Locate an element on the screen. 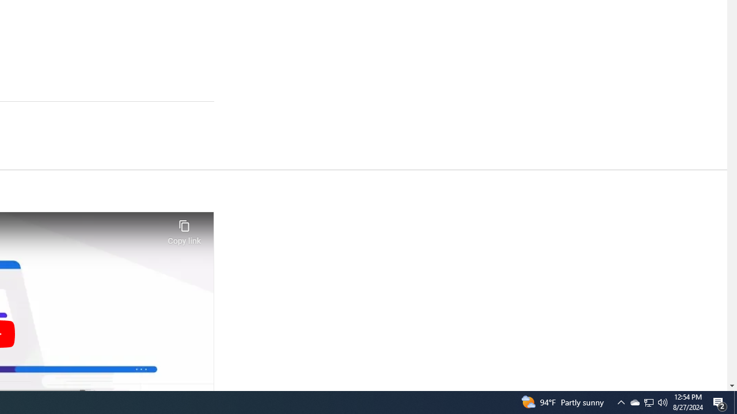 The height and width of the screenshot is (414, 737). 'Copy link' is located at coordinates (184, 229).